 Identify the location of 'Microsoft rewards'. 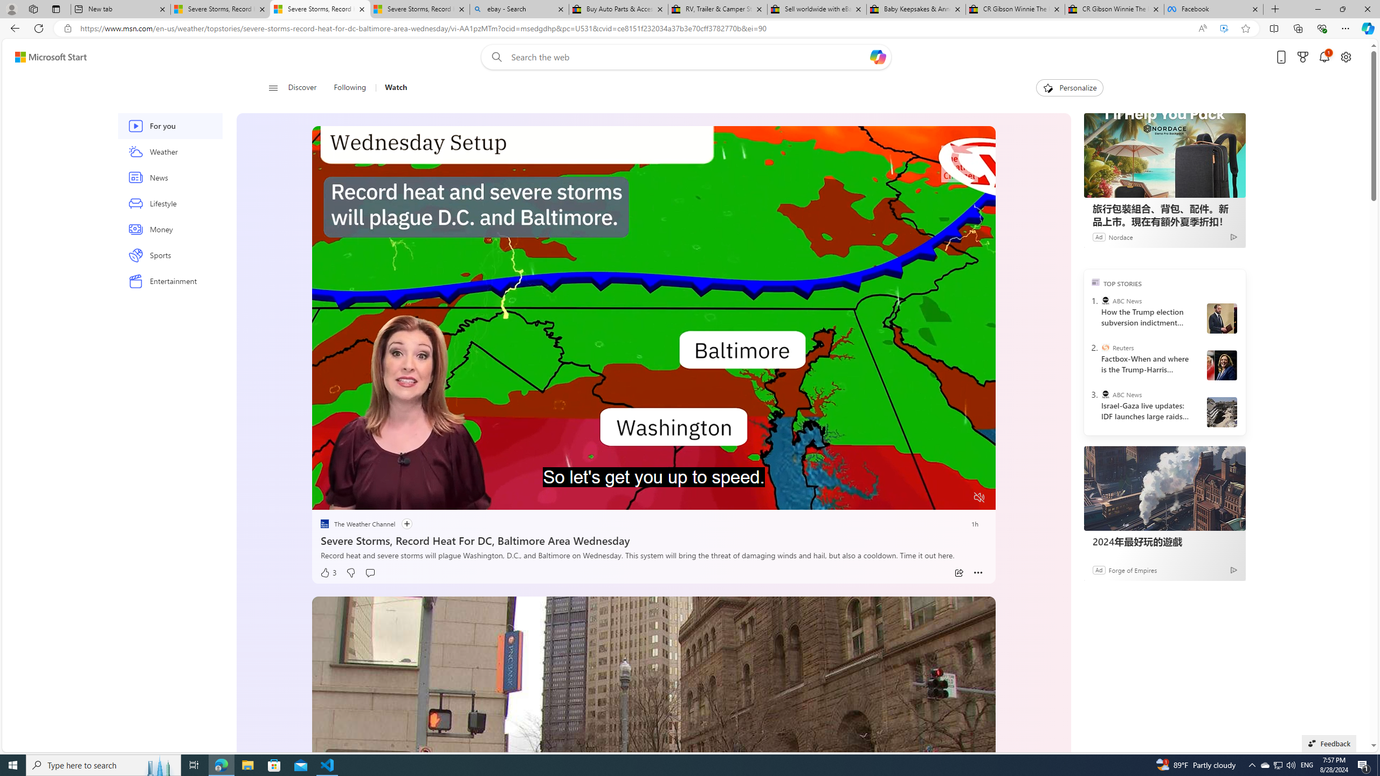
(1302, 57).